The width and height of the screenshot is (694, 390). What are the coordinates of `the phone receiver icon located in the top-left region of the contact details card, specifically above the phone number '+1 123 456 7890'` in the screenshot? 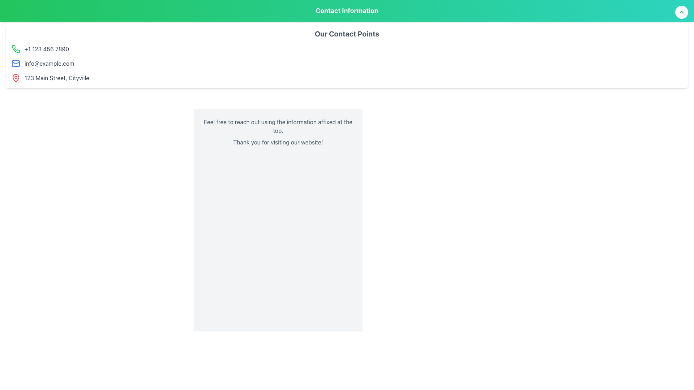 It's located at (16, 49).